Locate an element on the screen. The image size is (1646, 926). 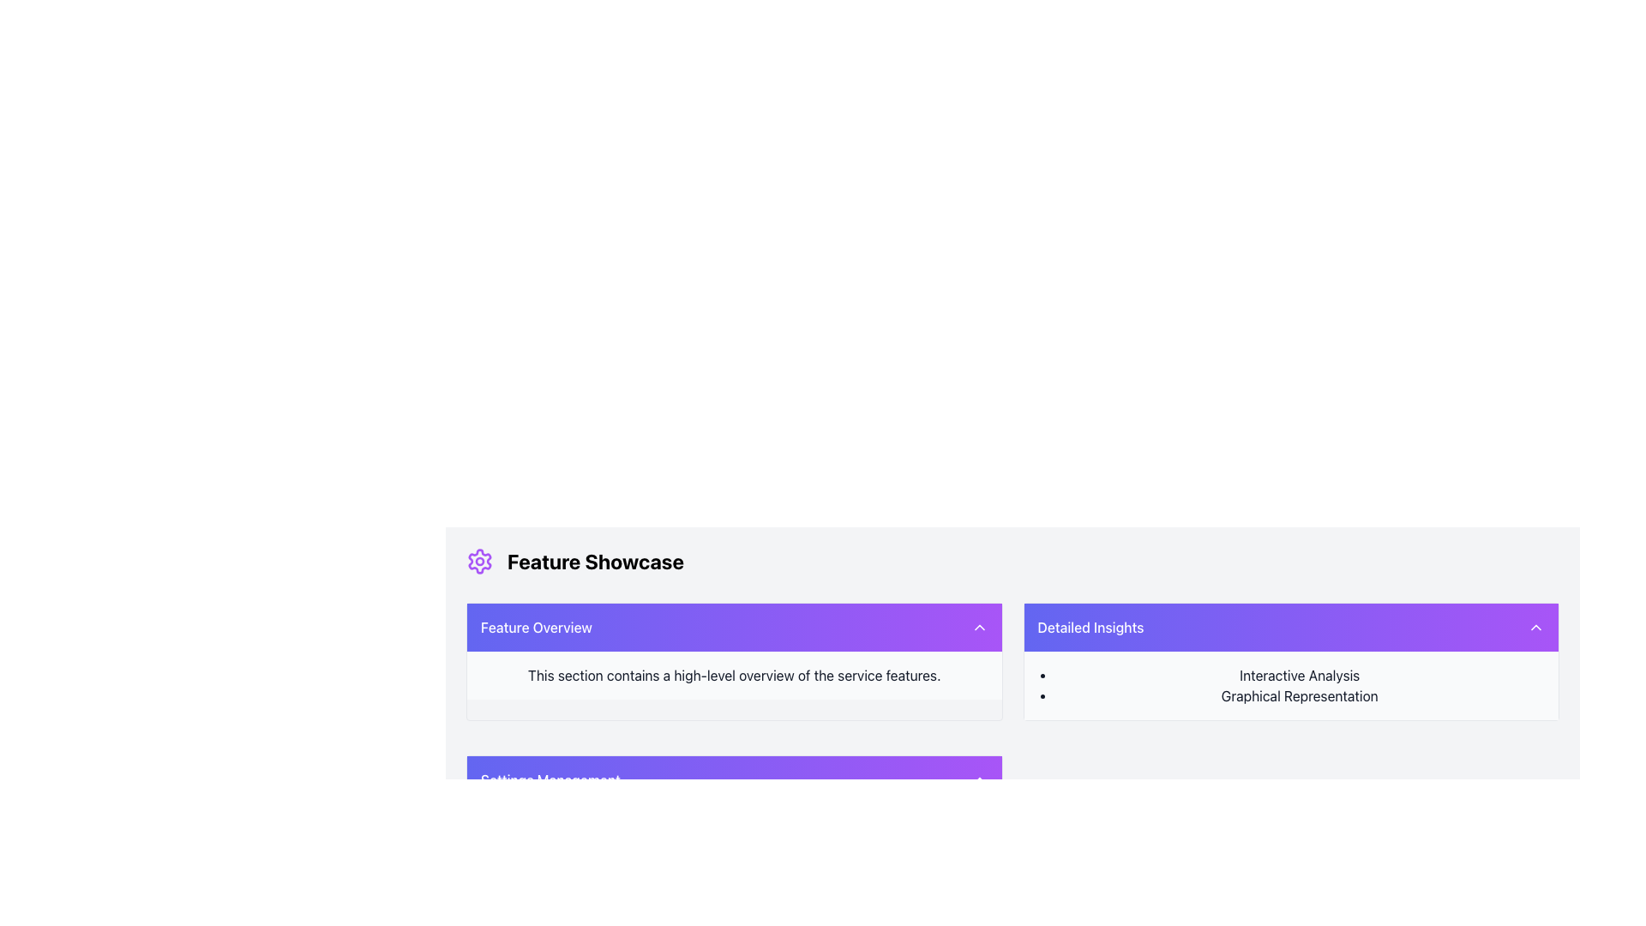
the small chevron-up icon located at the rightmost end of the purple header bar labeled 'Feature Overview' is located at coordinates (979, 628).